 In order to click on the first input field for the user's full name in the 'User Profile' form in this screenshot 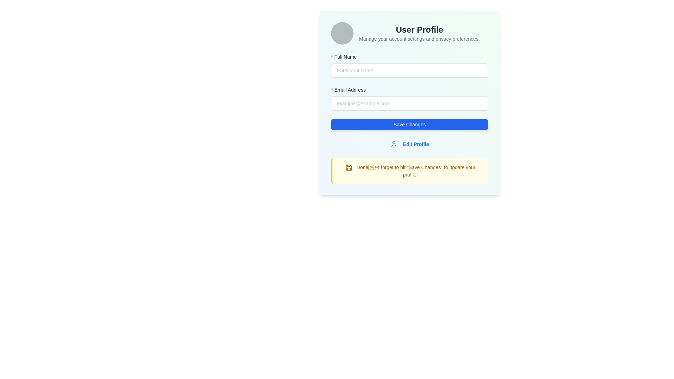, I will do `click(409, 65)`.